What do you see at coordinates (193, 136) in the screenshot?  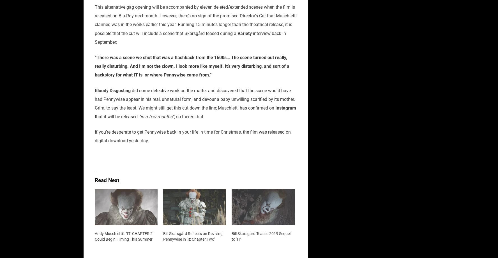 I see `'If you’re desperate to get Pennywise back in your life in time for Christmas, the film was released on digital download yesterday.'` at bounding box center [193, 136].